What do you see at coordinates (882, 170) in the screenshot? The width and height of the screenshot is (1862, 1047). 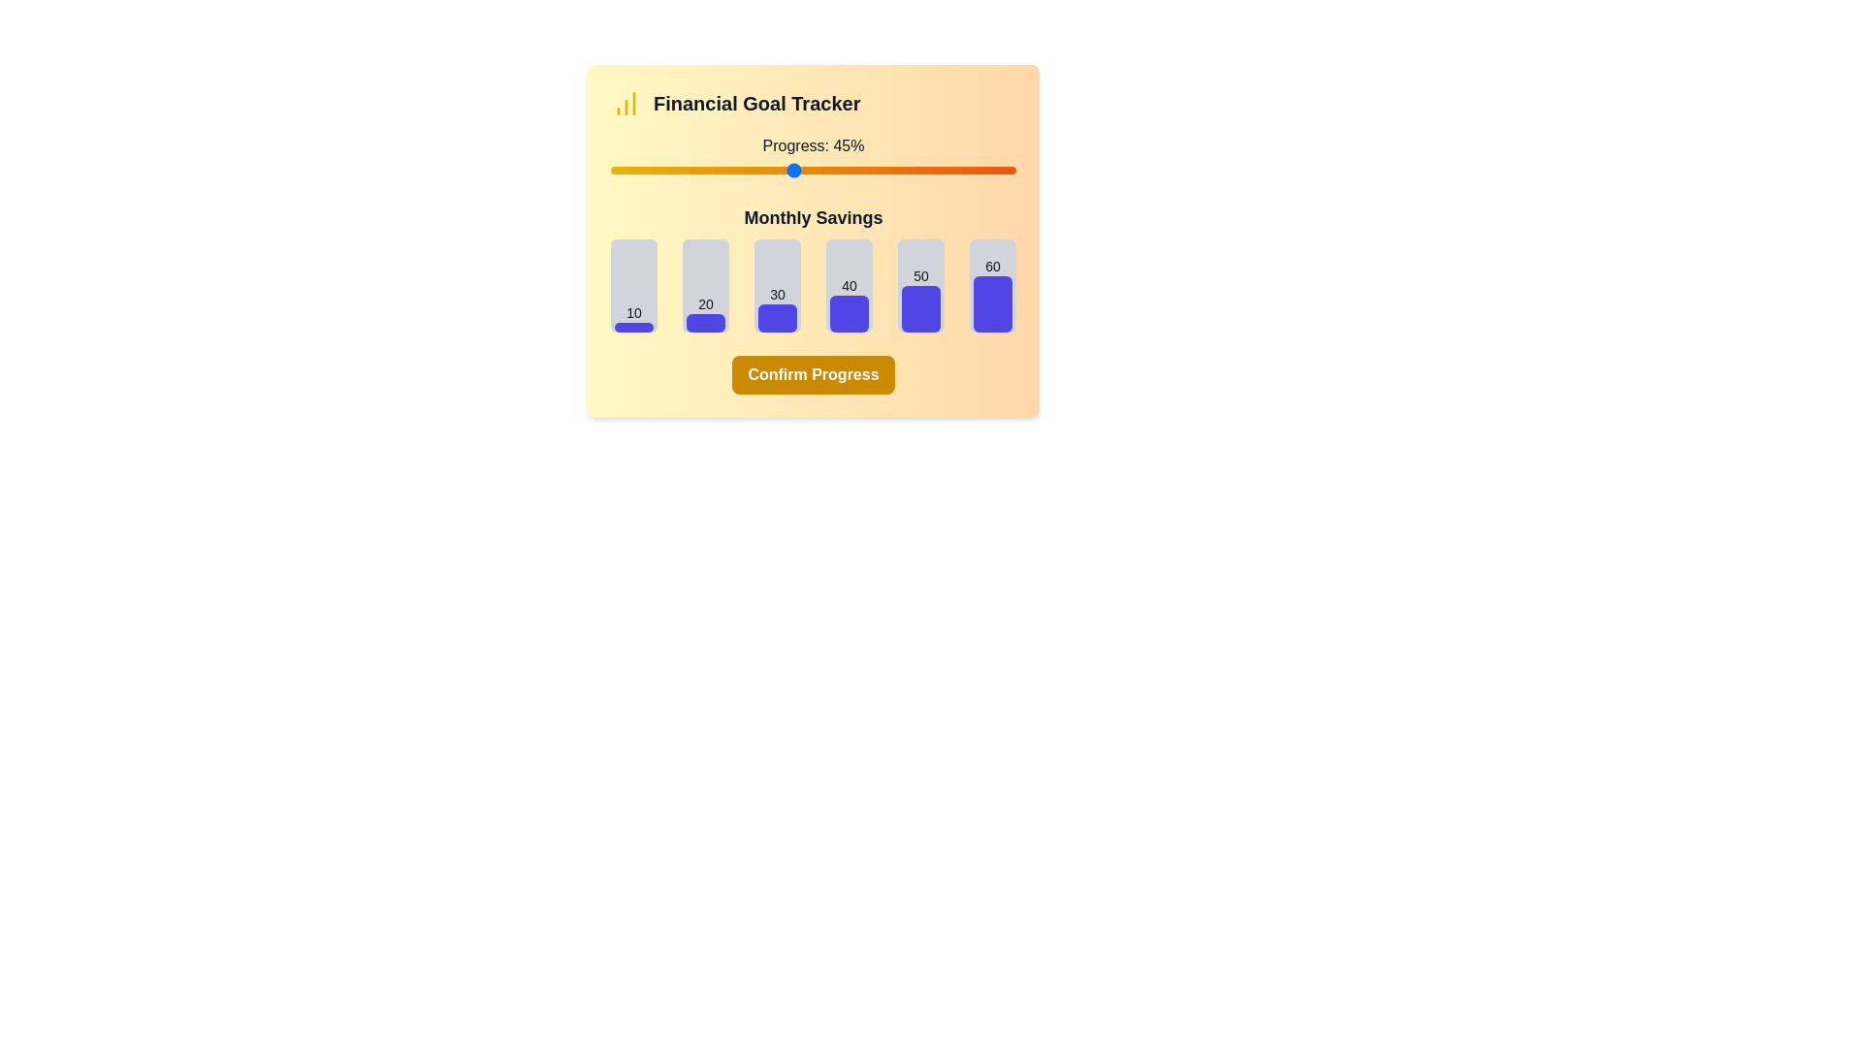 I see `the progress slider to 67%` at bounding box center [882, 170].